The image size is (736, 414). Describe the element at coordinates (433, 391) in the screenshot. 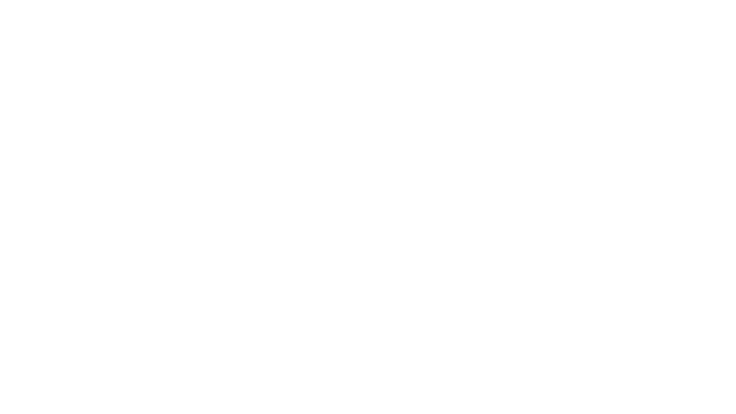

I see `Okay!` at that location.